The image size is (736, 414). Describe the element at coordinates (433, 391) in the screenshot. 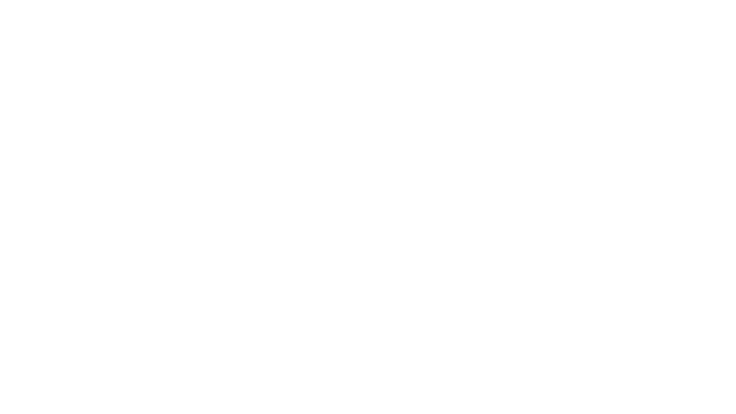

I see `Okay!` at that location.